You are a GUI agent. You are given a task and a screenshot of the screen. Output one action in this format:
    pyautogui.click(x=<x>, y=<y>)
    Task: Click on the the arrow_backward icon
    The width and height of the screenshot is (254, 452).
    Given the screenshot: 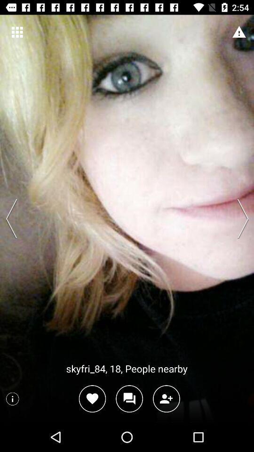 What is the action you would take?
    pyautogui.click(x=13, y=218)
    